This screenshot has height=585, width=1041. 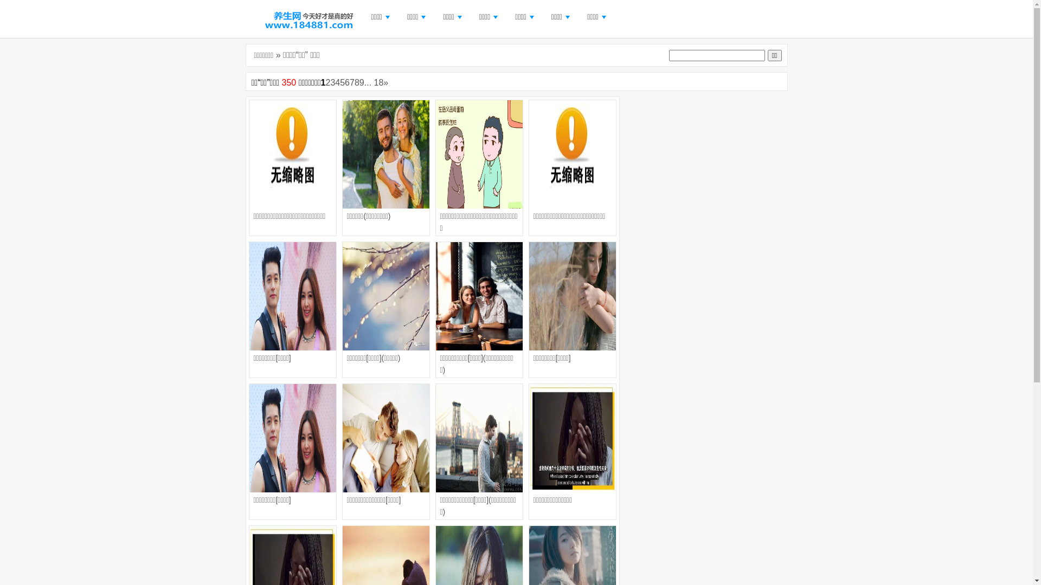 I want to click on '2', so click(x=327, y=82).